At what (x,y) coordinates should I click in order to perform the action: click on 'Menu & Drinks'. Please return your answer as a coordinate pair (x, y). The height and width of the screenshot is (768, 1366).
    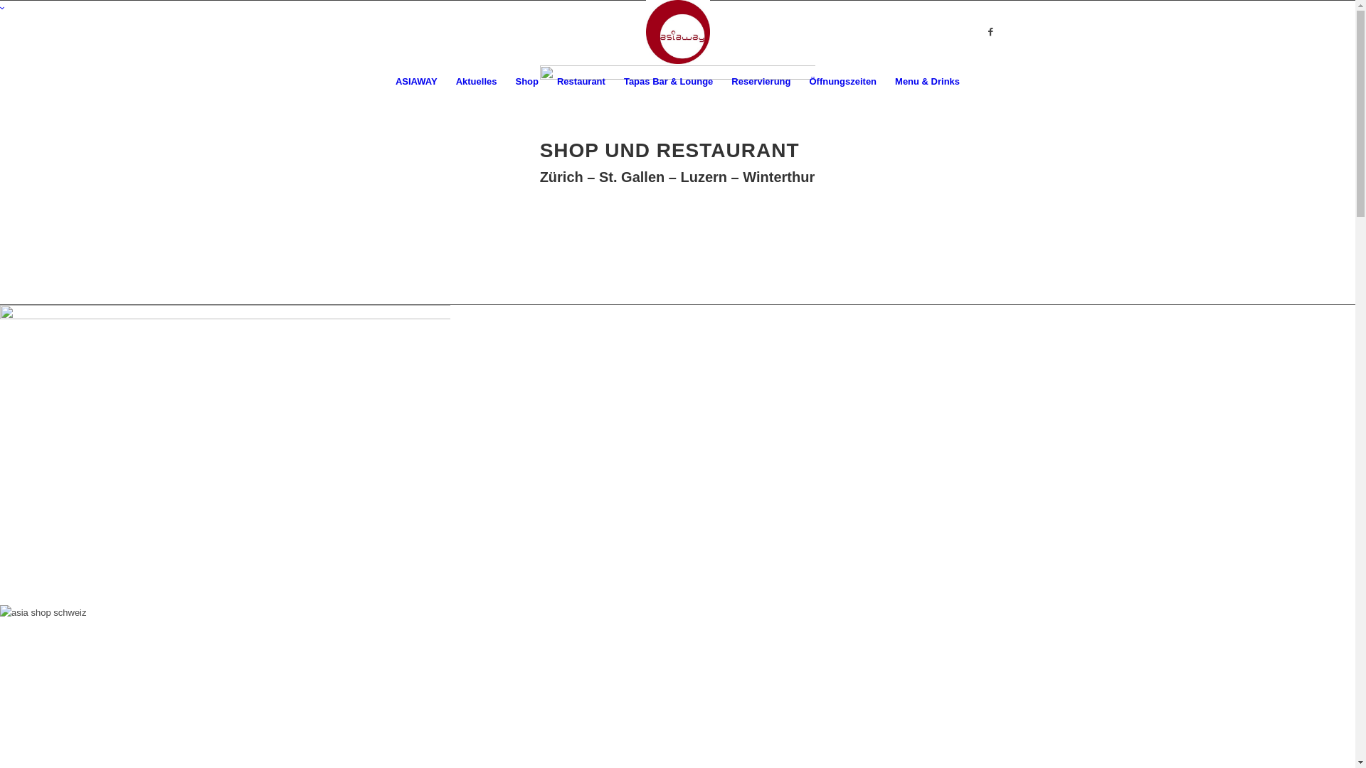
    Looking at the image, I should click on (927, 82).